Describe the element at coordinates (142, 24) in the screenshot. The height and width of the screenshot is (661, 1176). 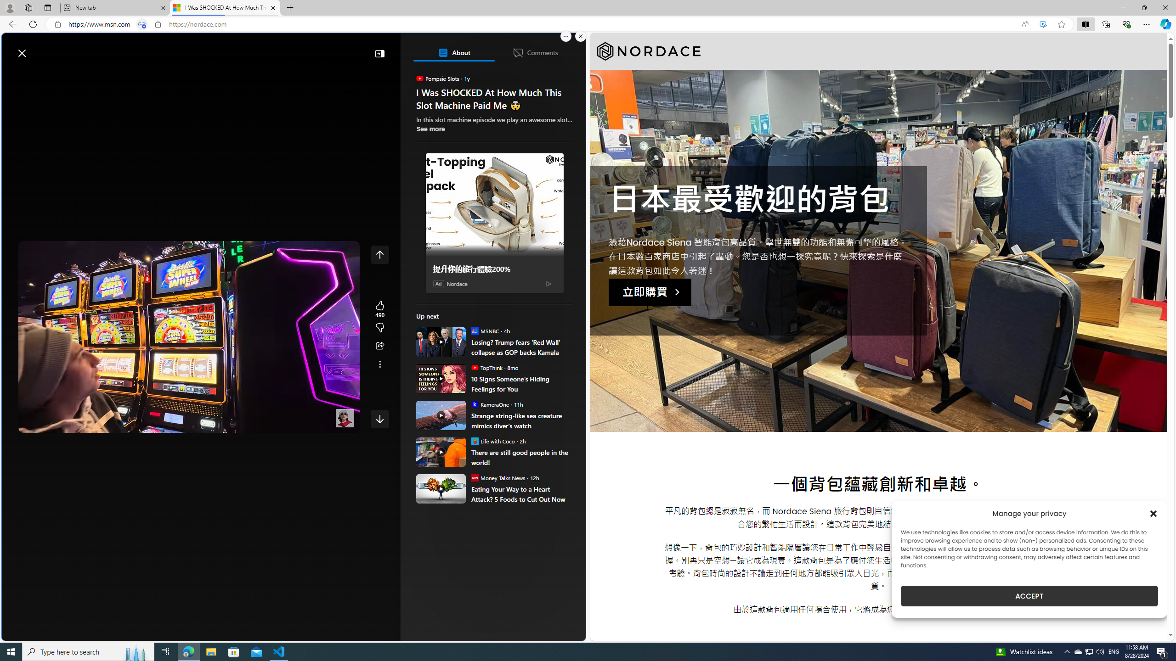
I see `'Tabs in split screen'` at that location.